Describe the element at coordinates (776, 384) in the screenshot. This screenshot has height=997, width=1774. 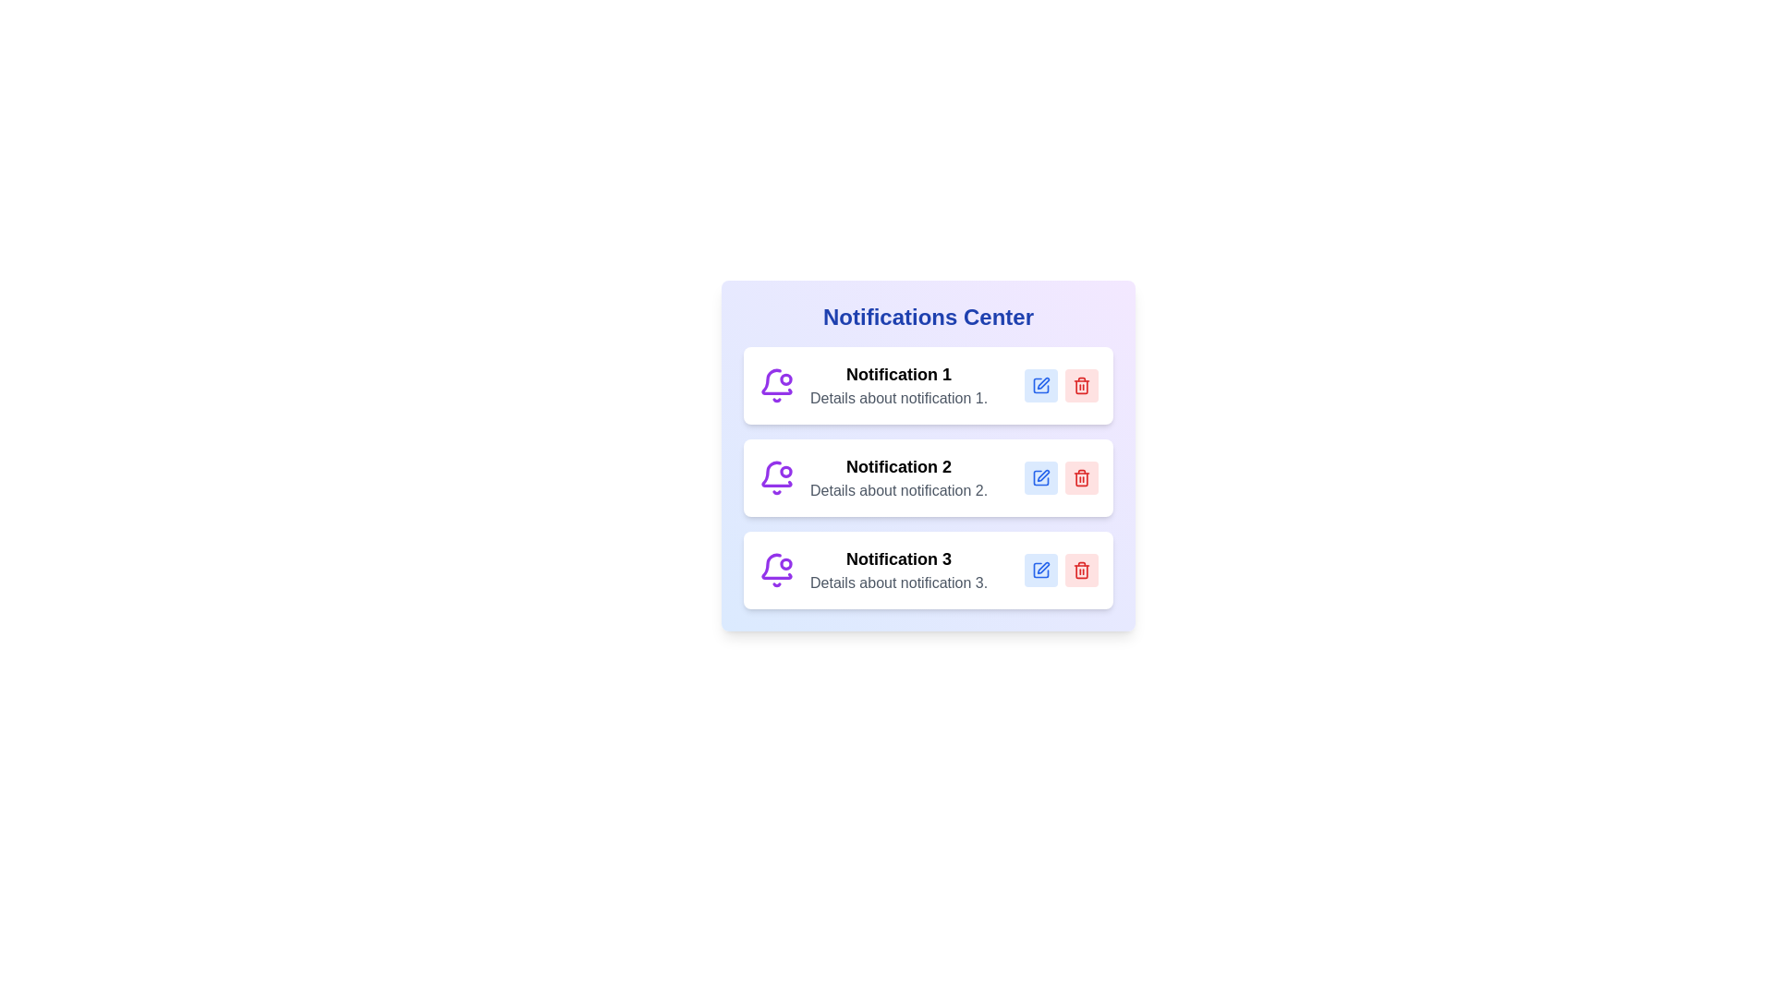
I see `the notification icon located inside the first notification card at the topmost row of the notification list, near the left edge` at that location.